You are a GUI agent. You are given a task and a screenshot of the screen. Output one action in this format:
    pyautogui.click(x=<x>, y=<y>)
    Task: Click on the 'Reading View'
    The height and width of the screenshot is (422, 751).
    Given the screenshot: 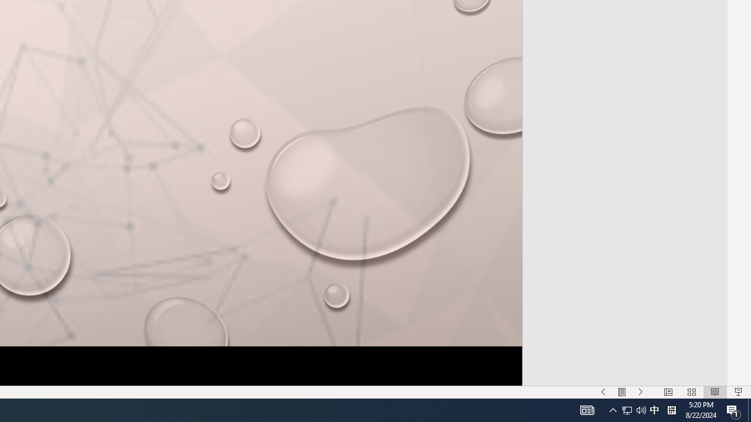 What is the action you would take?
    pyautogui.click(x=715, y=392)
    